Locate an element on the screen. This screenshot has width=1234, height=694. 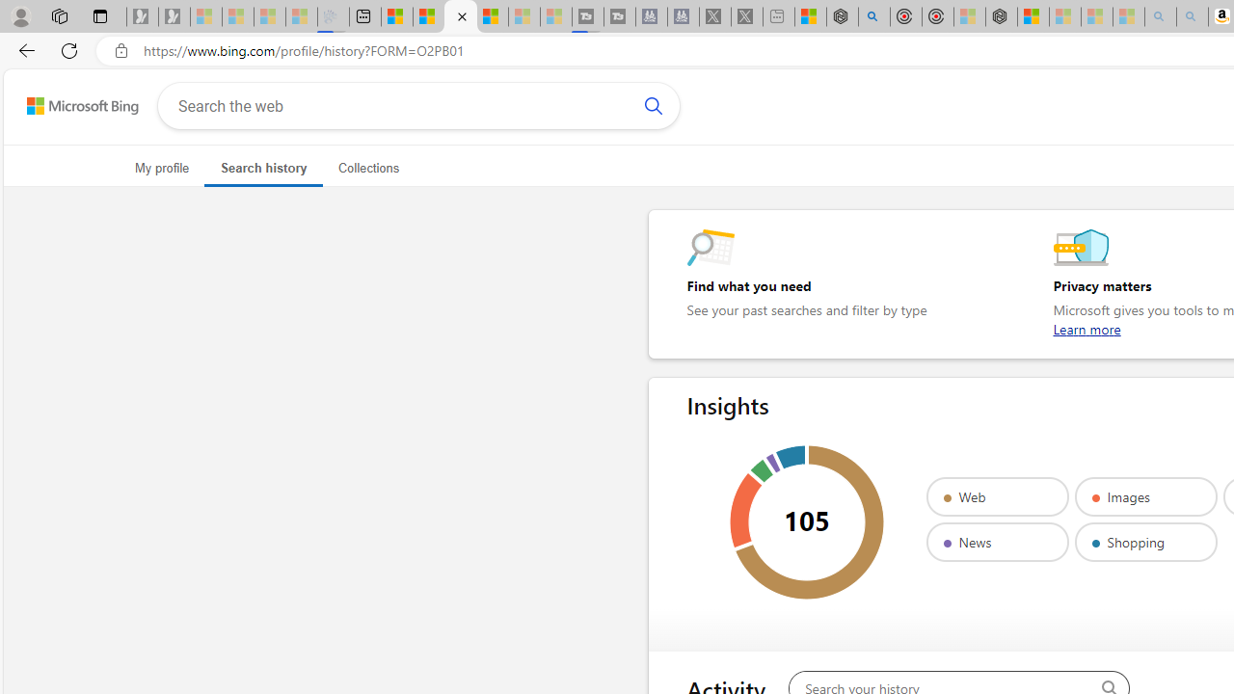
'Nordace - Nordace Siena Is Not An Ordinary Backpack' is located at coordinates (1001, 16).